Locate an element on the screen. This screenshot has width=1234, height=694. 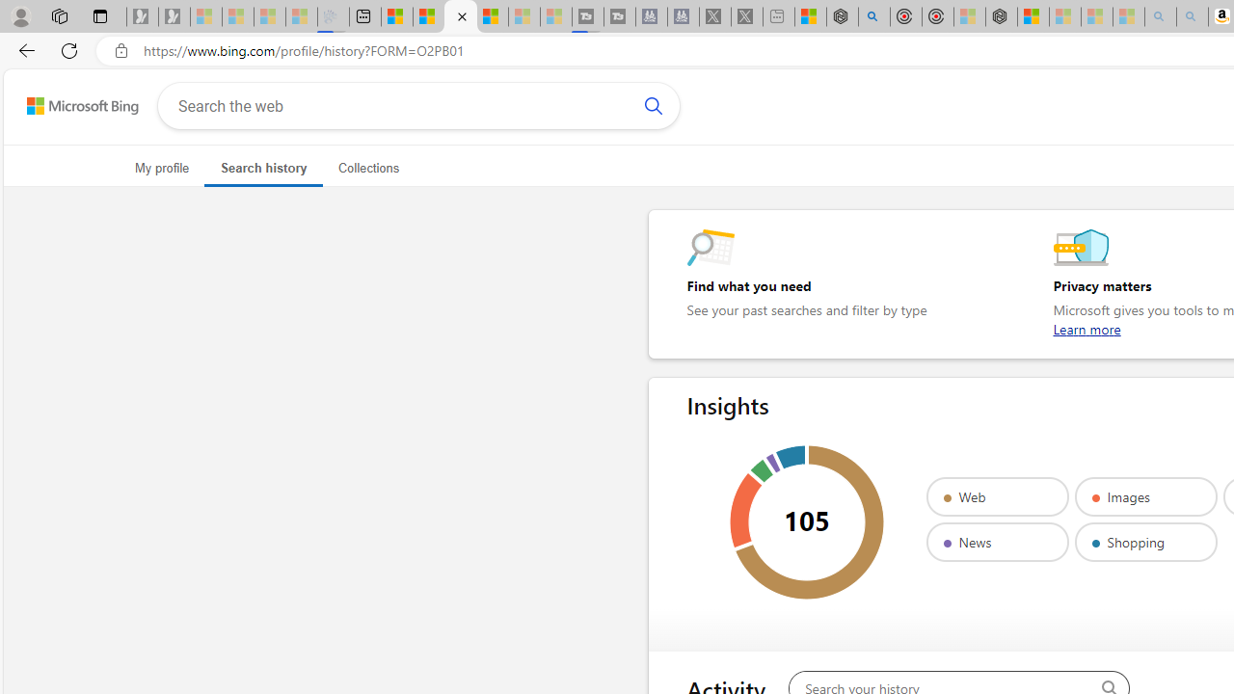
'Nordace - Nordace Siena Is Not An Ordinary Backpack' is located at coordinates (1001, 16).